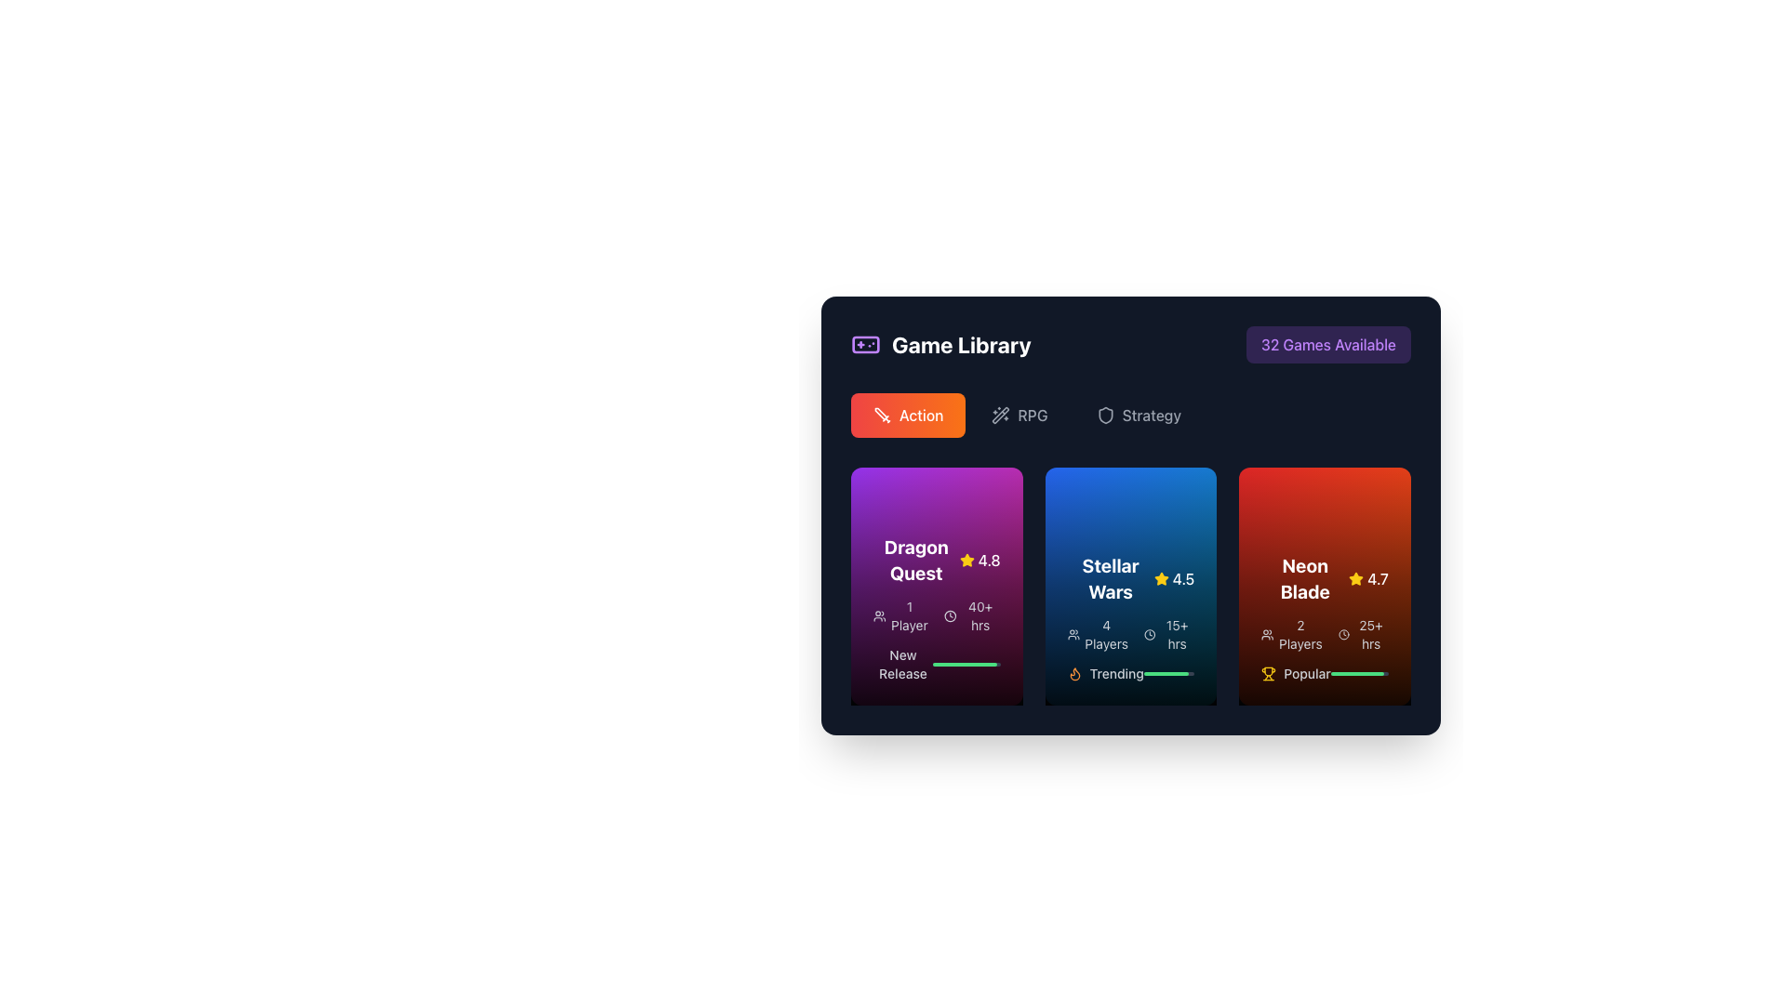 This screenshot has height=1004, width=1786. Describe the element at coordinates (1129, 633) in the screenshot. I see `the informational label that displays '4 Players' and '15+ hrs' under the 'Stellar Wars' title in the 'Game Library' section` at that location.